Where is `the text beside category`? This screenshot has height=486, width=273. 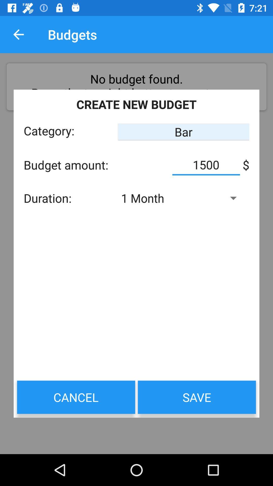
the text beside category is located at coordinates (184, 132).